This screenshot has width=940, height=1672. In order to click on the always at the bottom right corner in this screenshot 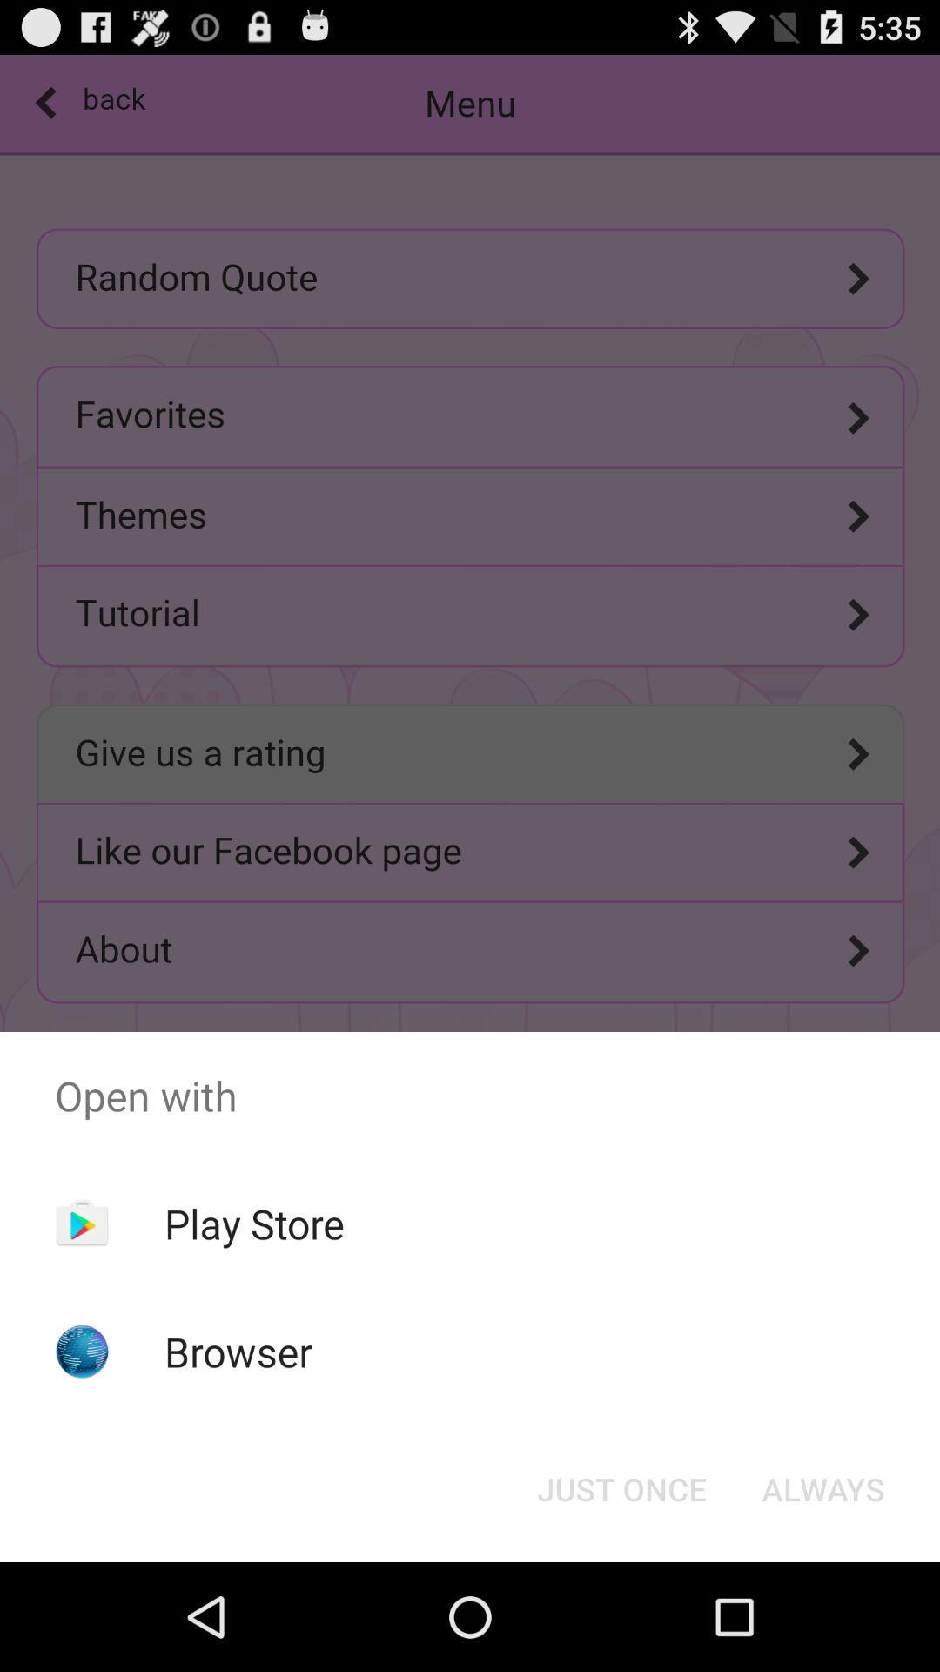, I will do `click(822, 1487)`.